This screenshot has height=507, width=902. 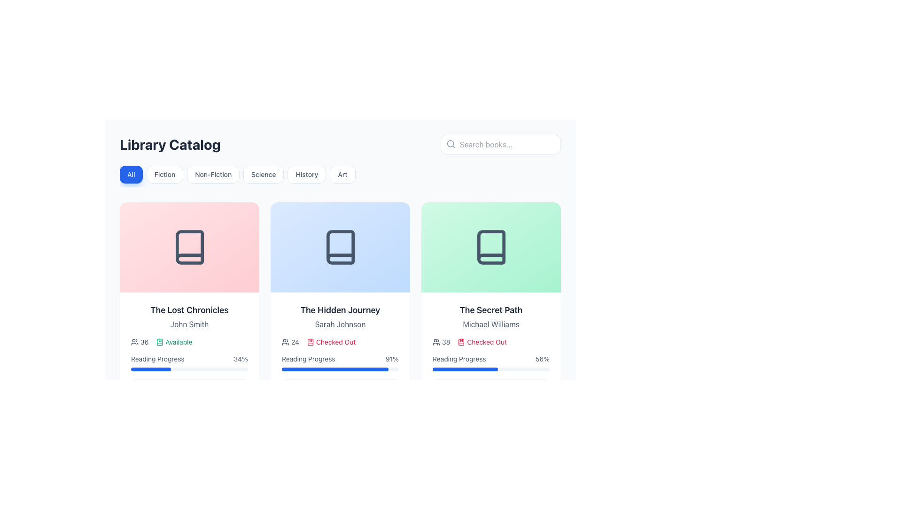 I want to click on the 'All' button in the horizontal navigation bar, so click(x=131, y=174).